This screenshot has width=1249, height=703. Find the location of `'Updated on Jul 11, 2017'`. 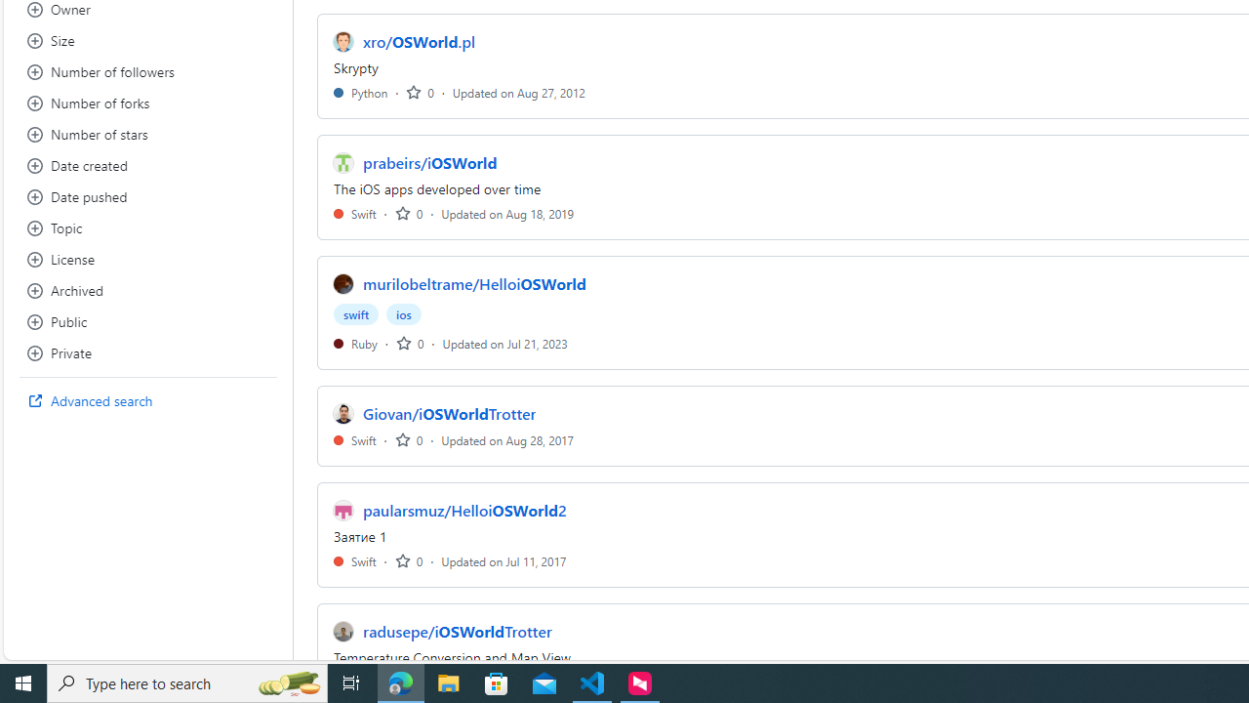

'Updated on Jul 11, 2017' is located at coordinates (504, 560).